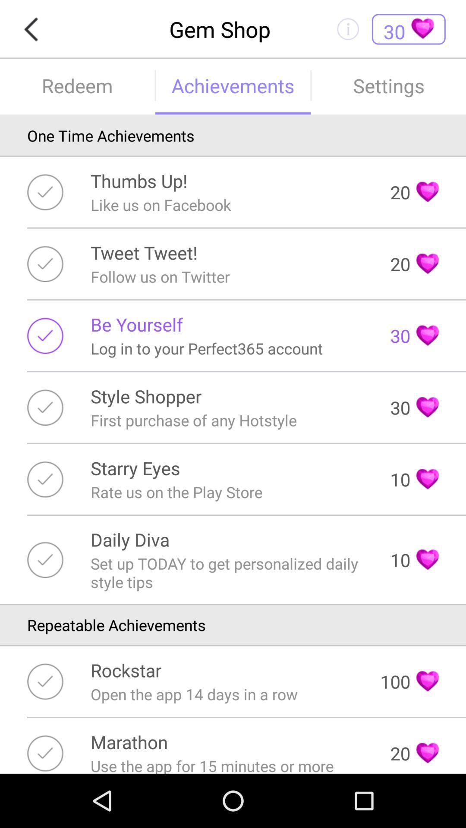 This screenshot has height=828, width=466. I want to click on the tweet tweet! item, so click(143, 252).